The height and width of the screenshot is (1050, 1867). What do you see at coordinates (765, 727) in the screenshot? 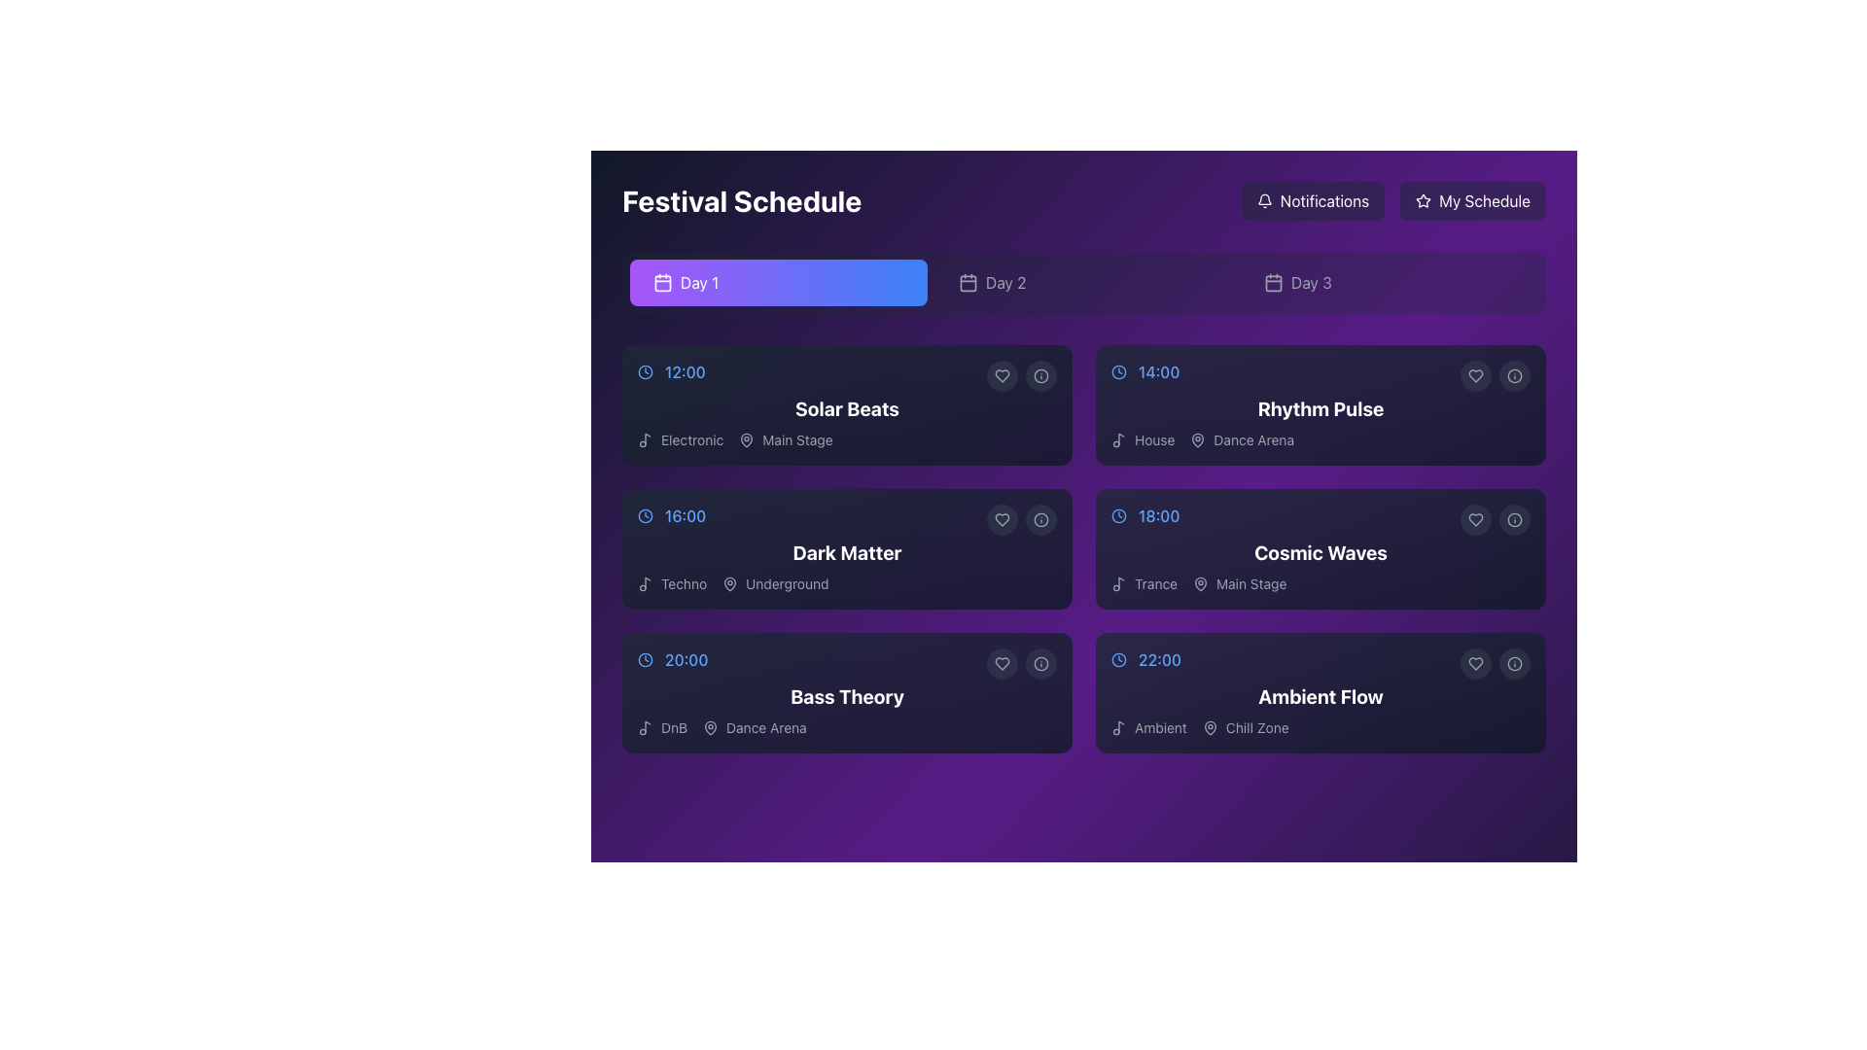
I see `the Static text label displaying 'Dance Arena', which is located in the bottom row of the schedule grid next to a map pin icon` at bounding box center [765, 727].